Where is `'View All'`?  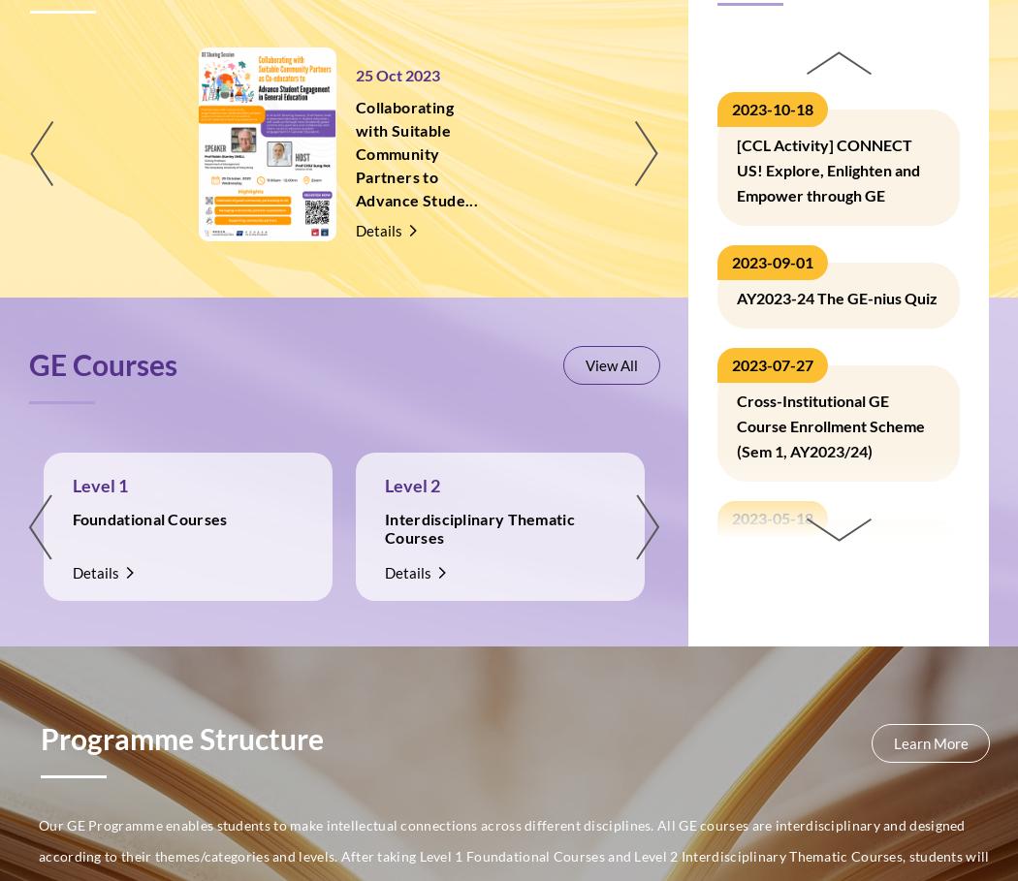 'View All' is located at coordinates (612, 363).